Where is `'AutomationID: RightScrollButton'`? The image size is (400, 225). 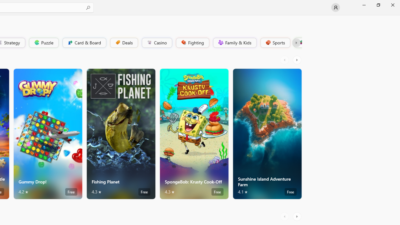
'AutomationID: RightScrollButton' is located at coordinates (297, 216).